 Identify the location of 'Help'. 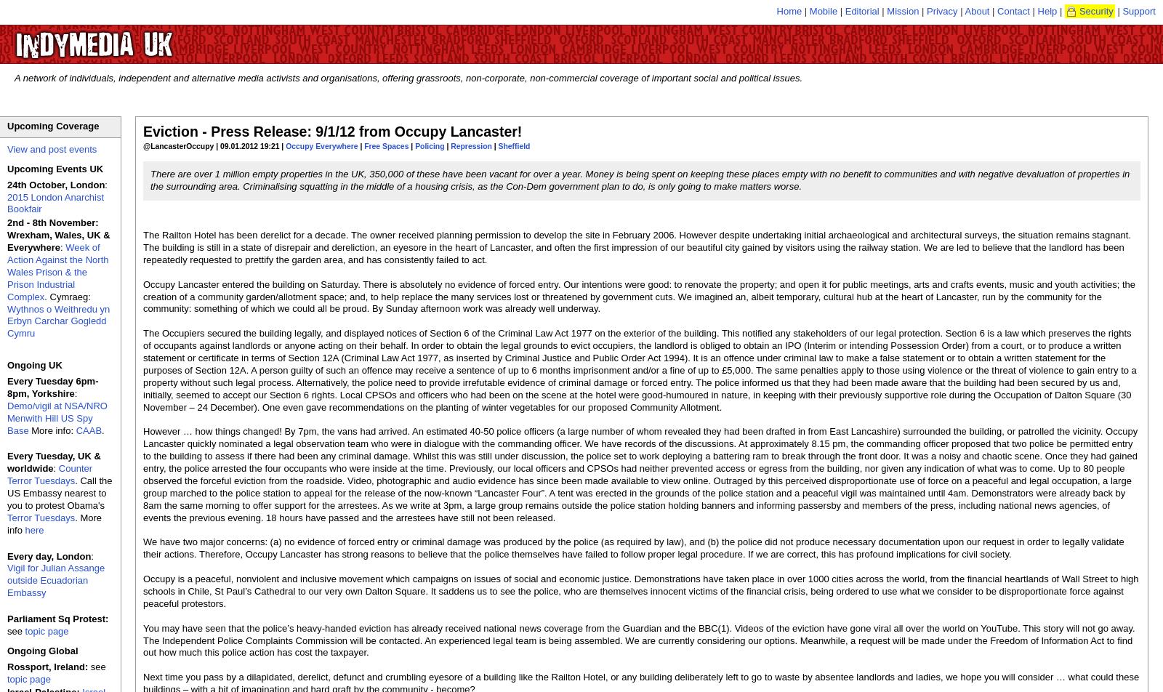
(1047, 11).